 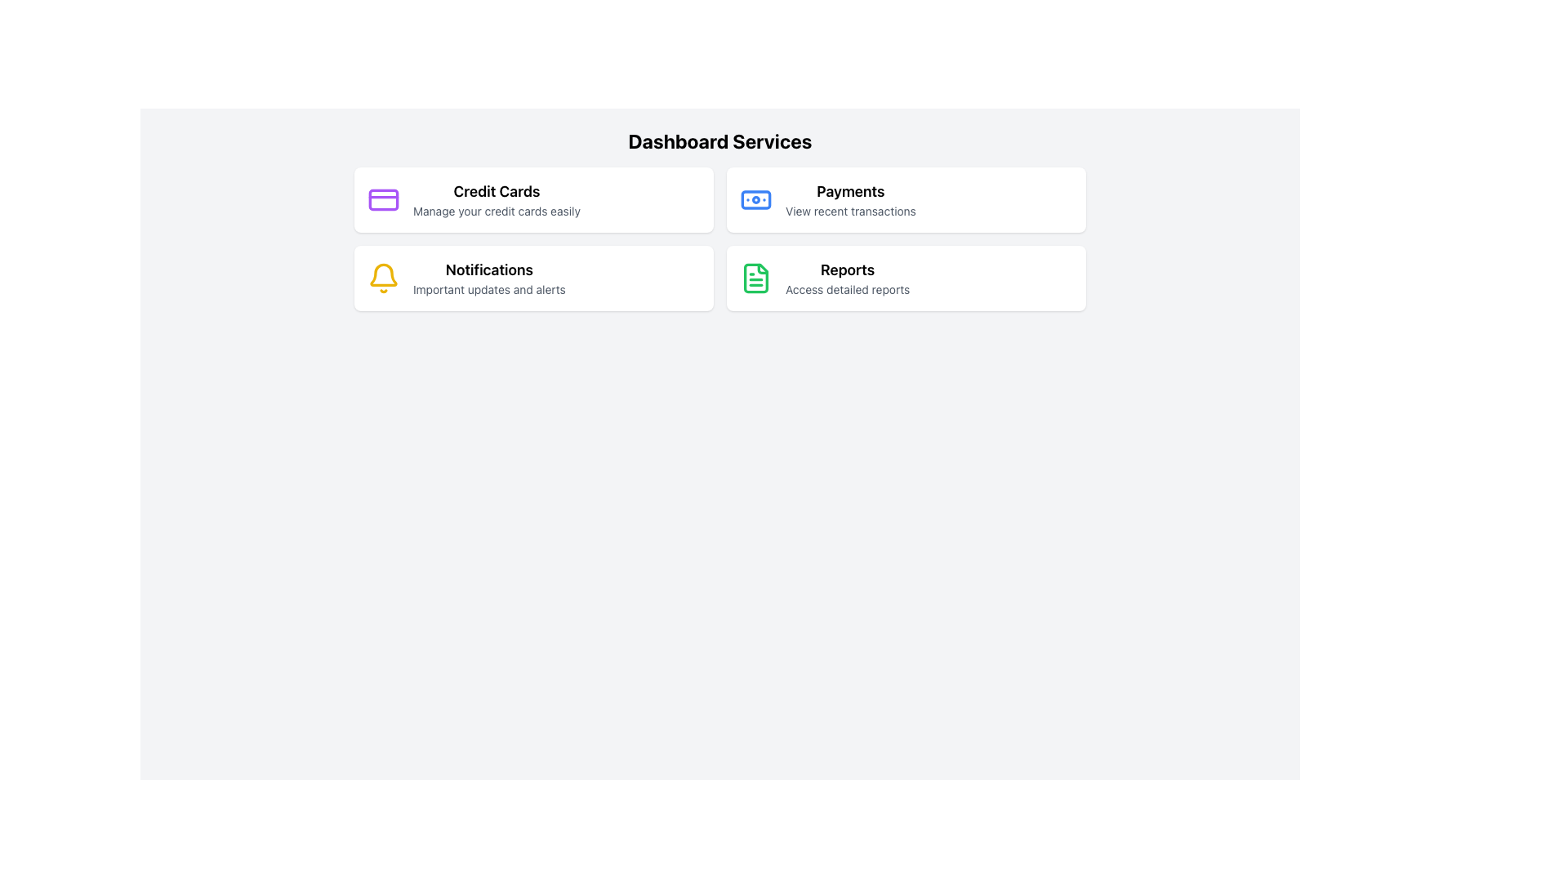 I want to click on the Informational Card located in the lower-left quadrant of the interface, which is the second card in the first column of a grid layout, so click(x=533, y=277).